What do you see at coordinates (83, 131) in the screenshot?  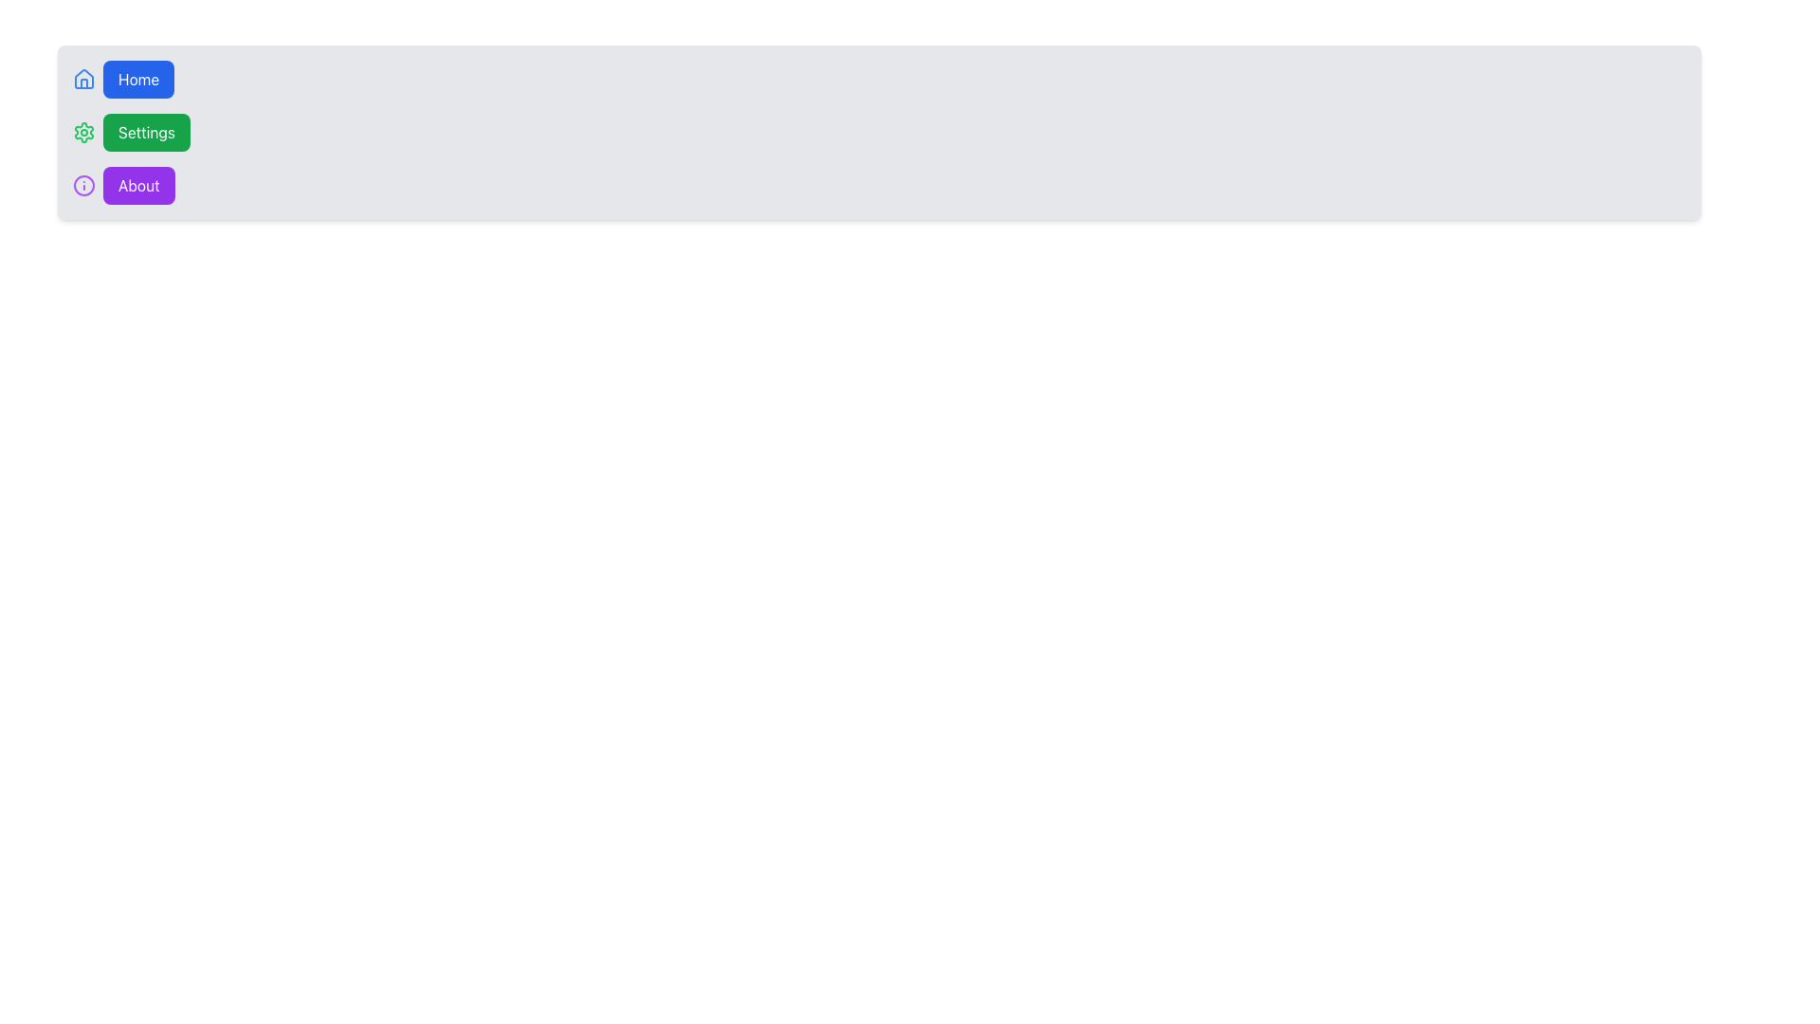 I see `the small circular green gear icon representing settings, which is positioned to the left of the green 'Settings' button` at bounding box center [83, 131].